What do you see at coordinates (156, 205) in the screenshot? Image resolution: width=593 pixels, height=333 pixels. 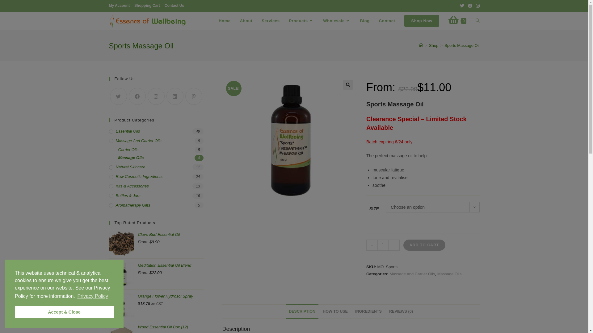 I see `'Aromatherapy Gifts'` at bounding box center [156, 205].